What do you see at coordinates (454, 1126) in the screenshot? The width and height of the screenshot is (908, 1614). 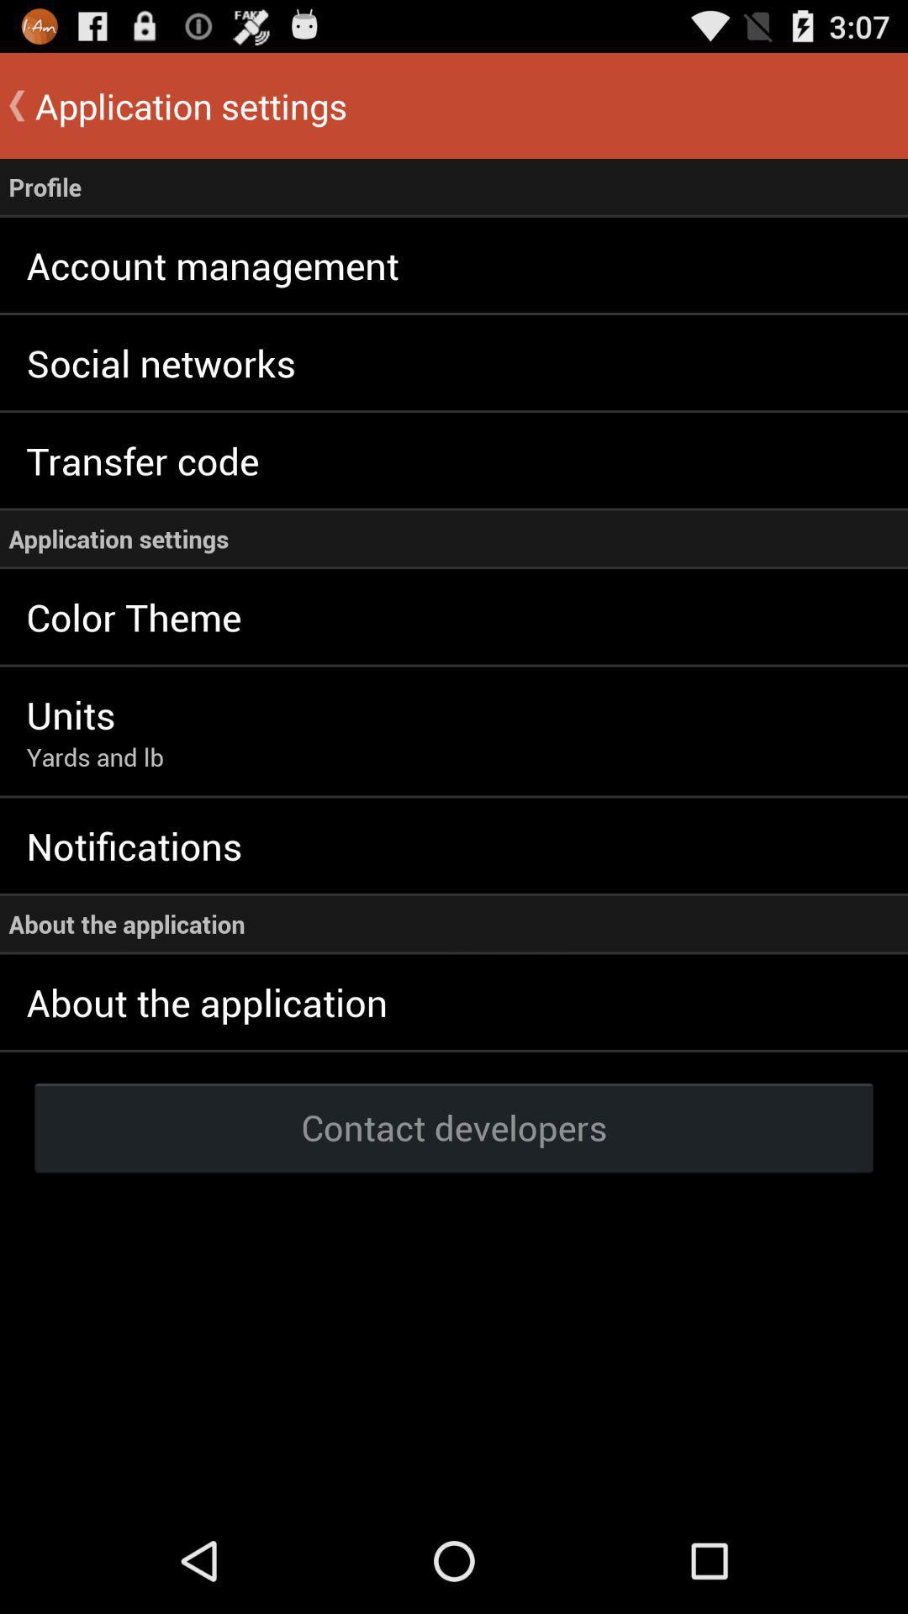 I see `the contact developers button` at bounding box center [454, 1126].